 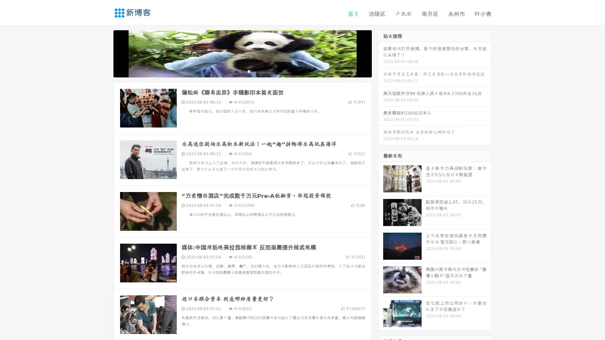 I want to click on Go to slide 3, so click(x=249, y=71).